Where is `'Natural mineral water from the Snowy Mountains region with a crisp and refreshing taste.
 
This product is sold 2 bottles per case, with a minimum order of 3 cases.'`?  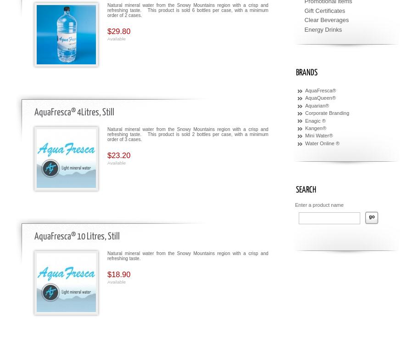
'Natural mineral water from the Snowy Mountains region with a crisp and refreshing taste.
 
This product is sold 2 bottles per case, with a minimum order of 3 cases.' is located at coordinates (188, 133).